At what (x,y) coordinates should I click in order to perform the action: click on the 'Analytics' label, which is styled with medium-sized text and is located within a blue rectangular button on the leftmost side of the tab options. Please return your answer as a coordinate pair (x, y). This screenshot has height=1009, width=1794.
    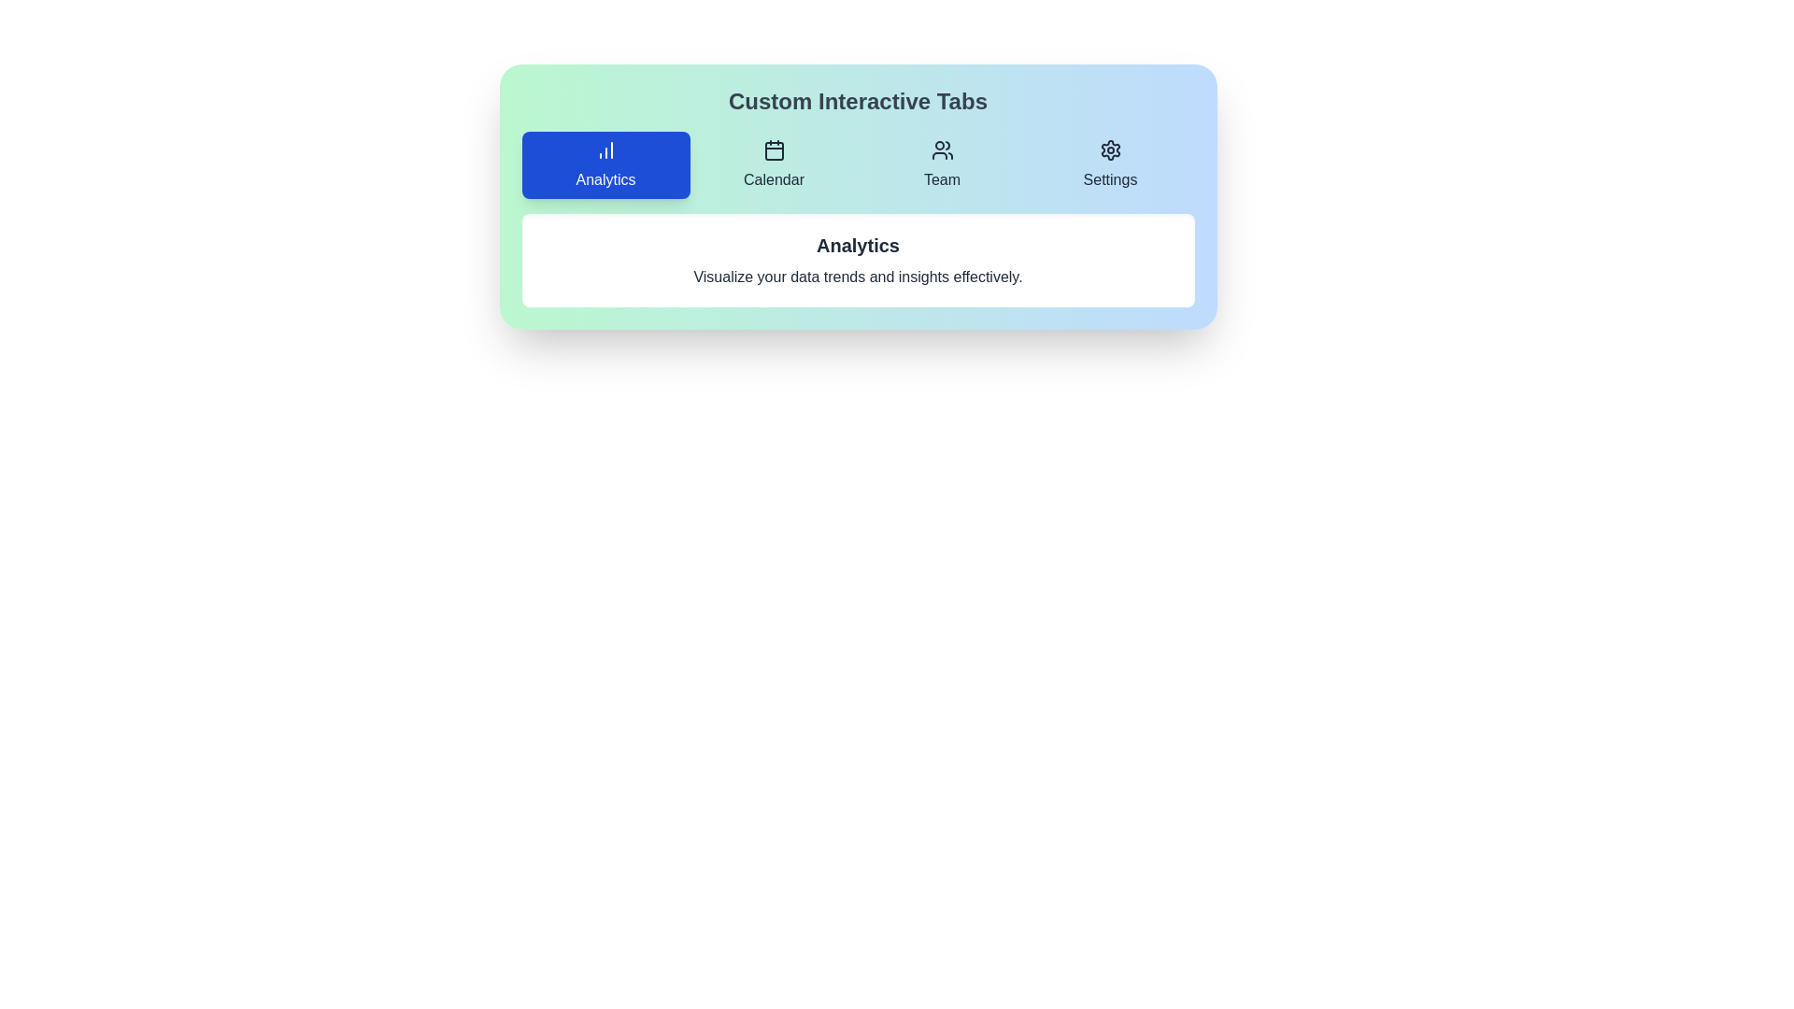
    Looking at the image, I should click on (605, 179).